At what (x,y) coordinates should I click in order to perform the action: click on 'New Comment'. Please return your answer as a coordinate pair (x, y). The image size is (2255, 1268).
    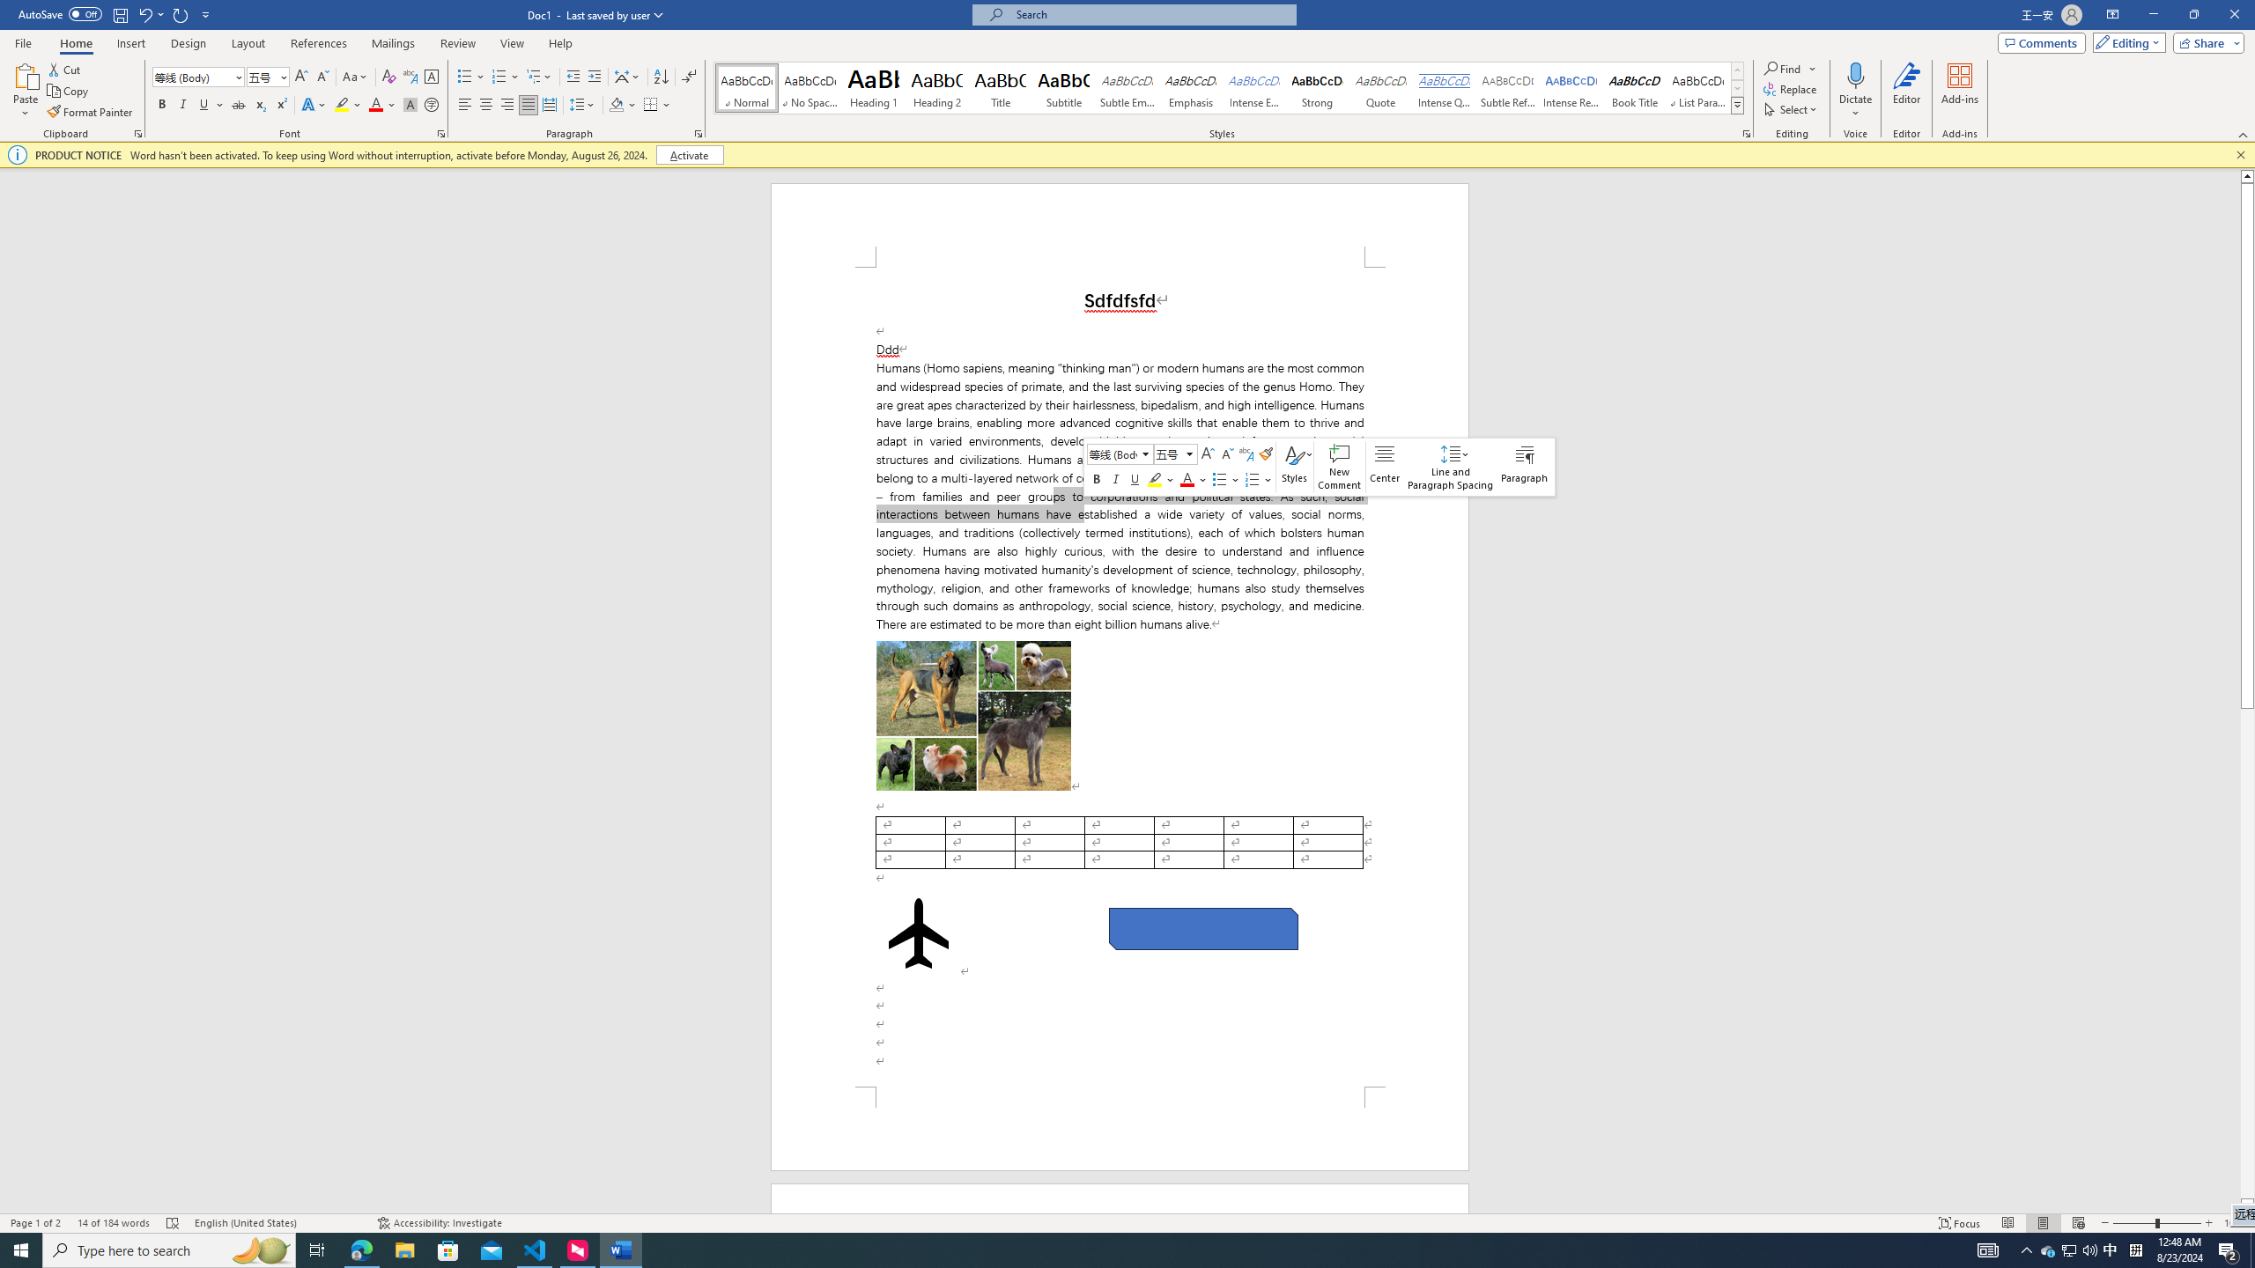
    Looking at the image, I should click on (1339, 466).